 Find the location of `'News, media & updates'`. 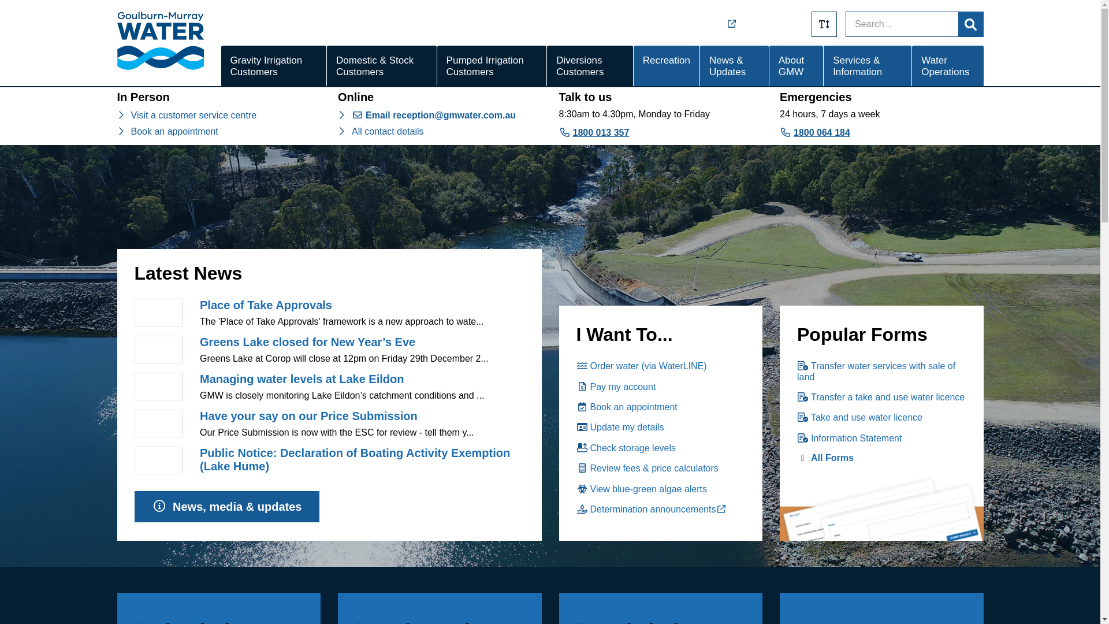

'News, media & updates' is located at coordinates (226, 506).